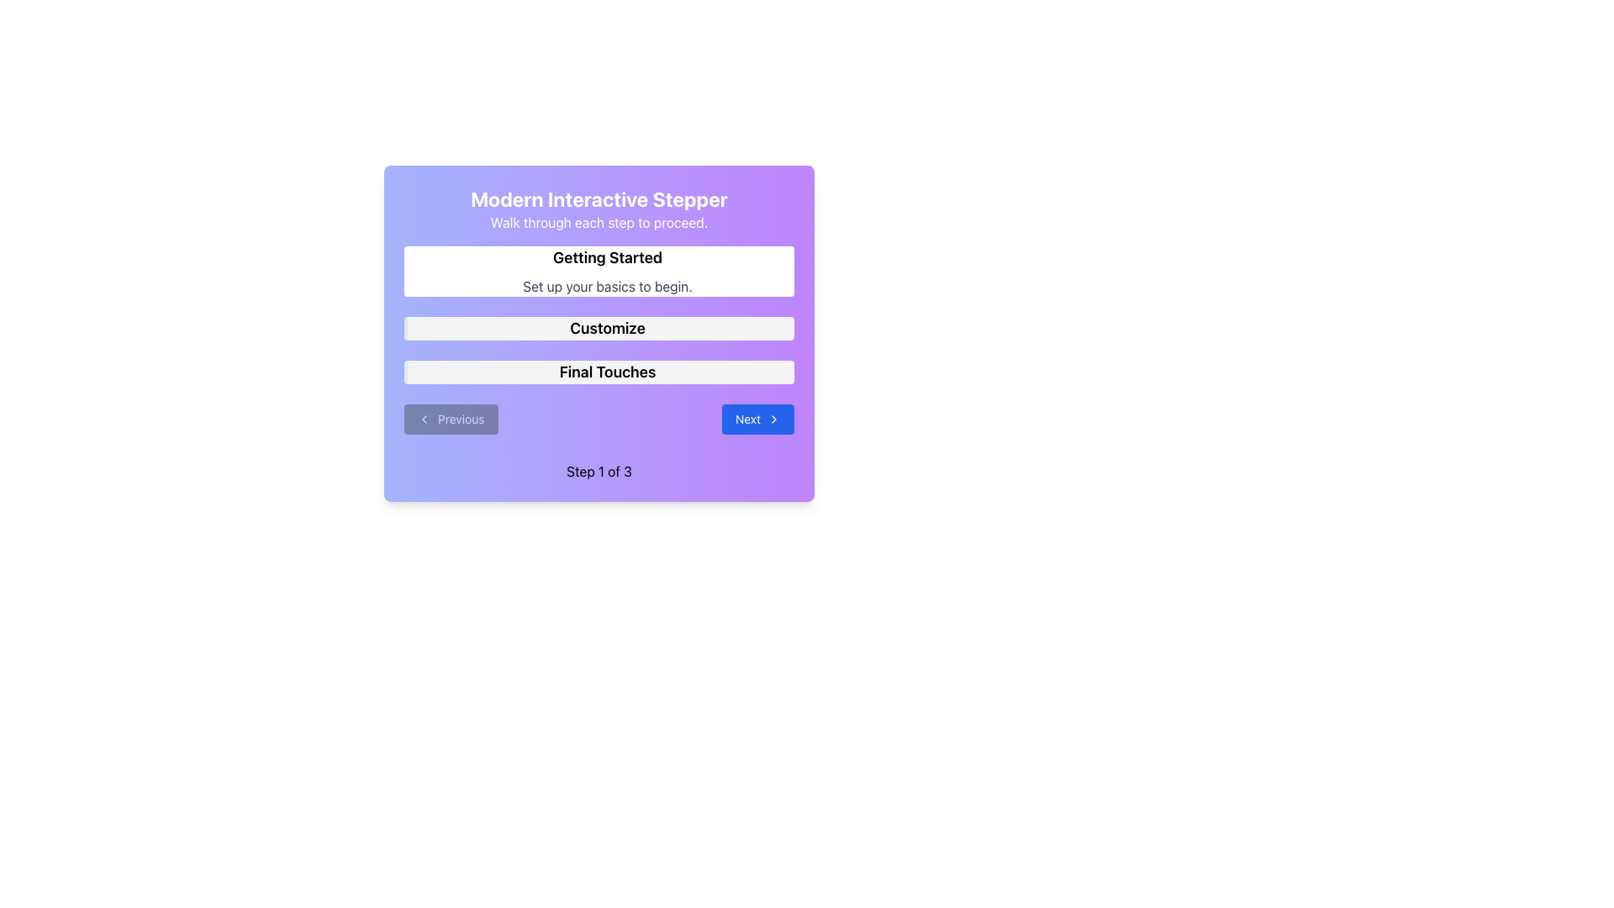  What do you see at coordinates (451, 418) in the screenshot?
I see `the 'Previous' button with a gray background and white text, located in the bottom-left section of the modal` at bounding box center [451, 418].